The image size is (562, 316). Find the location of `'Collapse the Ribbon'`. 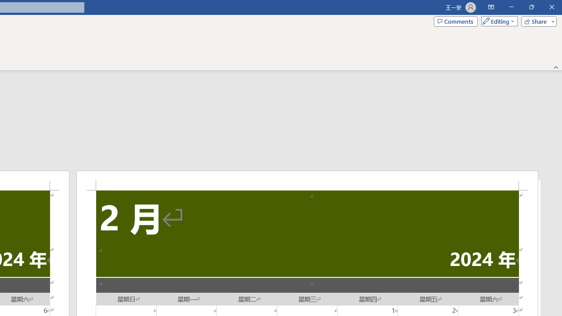

'Collapse the Ribbon' is located at coordinates (556, 67).